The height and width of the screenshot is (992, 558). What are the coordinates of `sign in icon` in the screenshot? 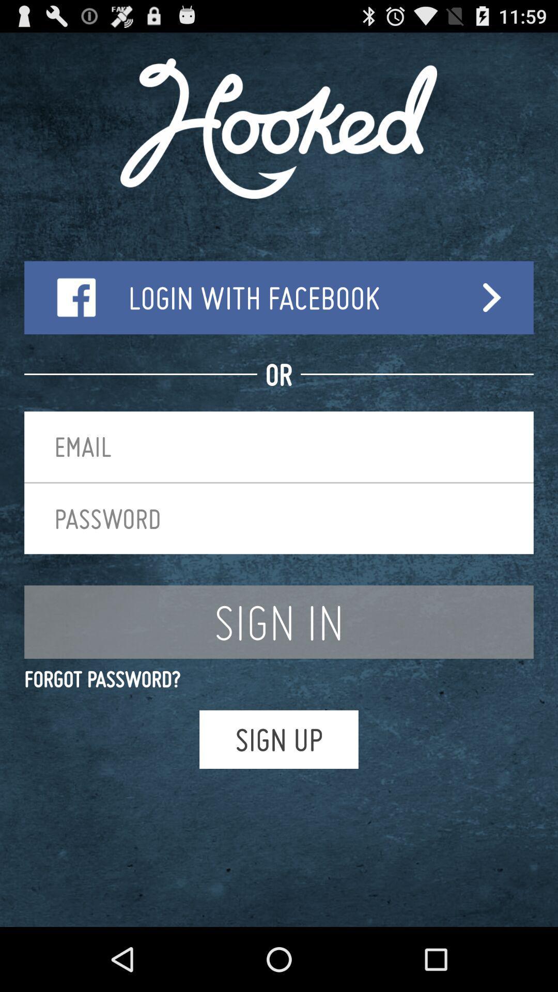 It's located at (279, 622).